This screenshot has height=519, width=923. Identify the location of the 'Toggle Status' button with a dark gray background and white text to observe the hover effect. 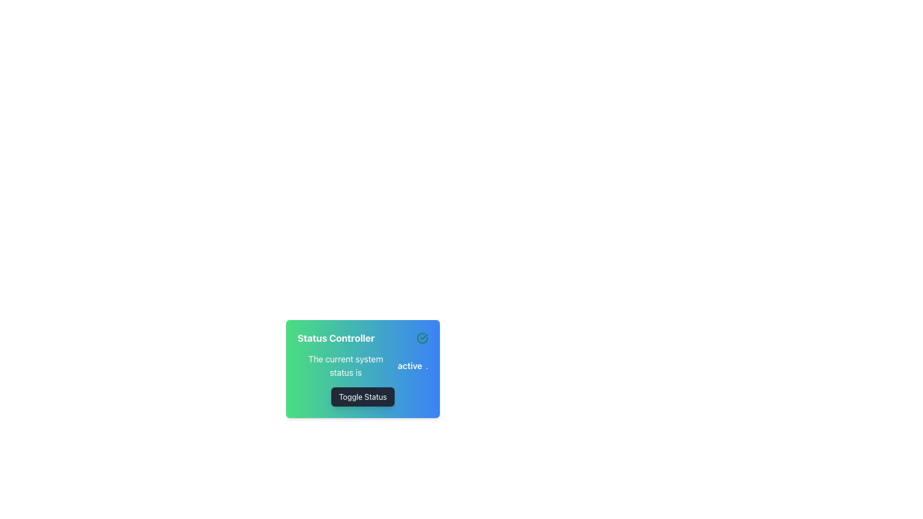
(362, 396).